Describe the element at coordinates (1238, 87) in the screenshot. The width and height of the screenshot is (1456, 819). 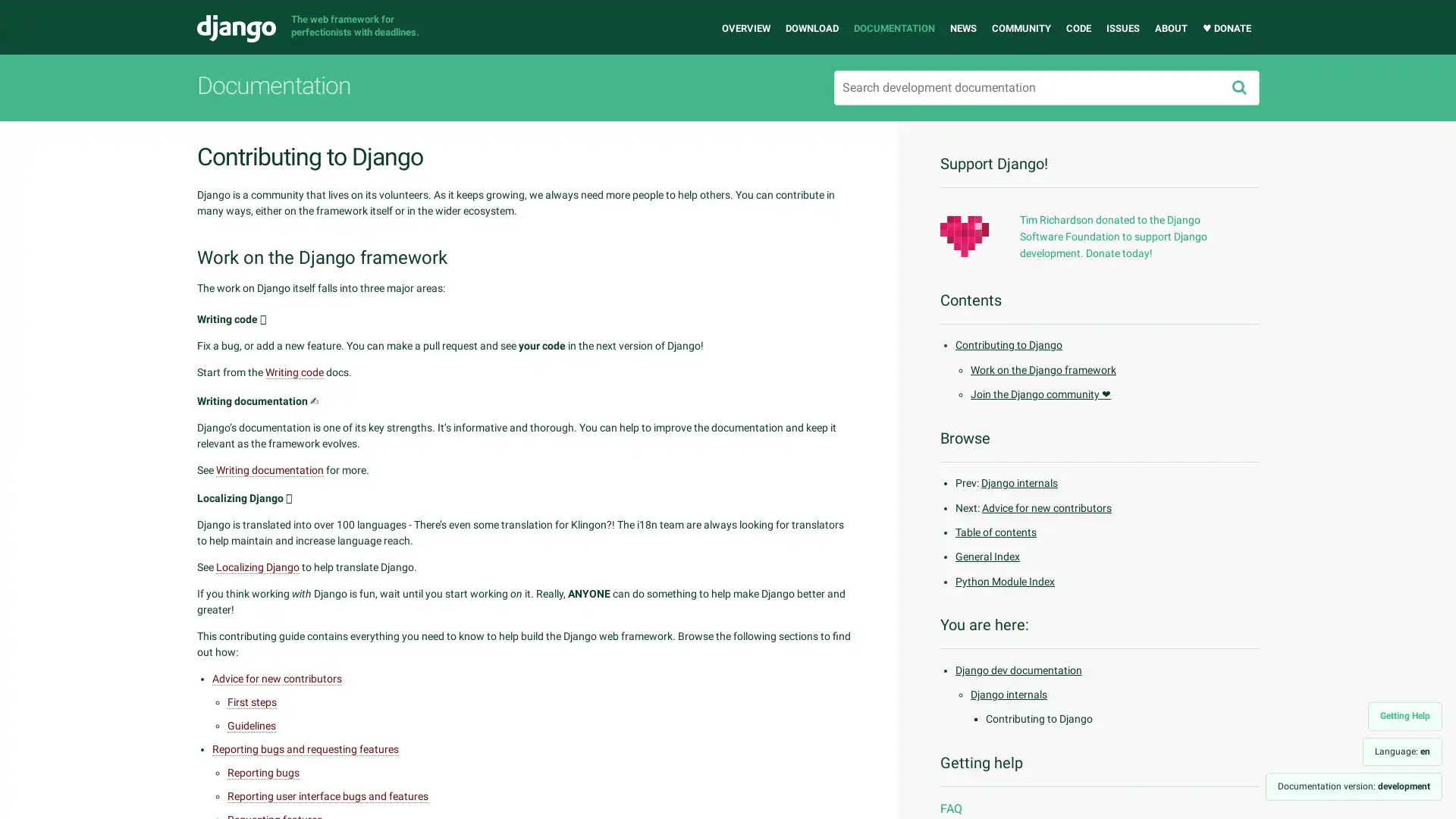
I see `Search` at that location.